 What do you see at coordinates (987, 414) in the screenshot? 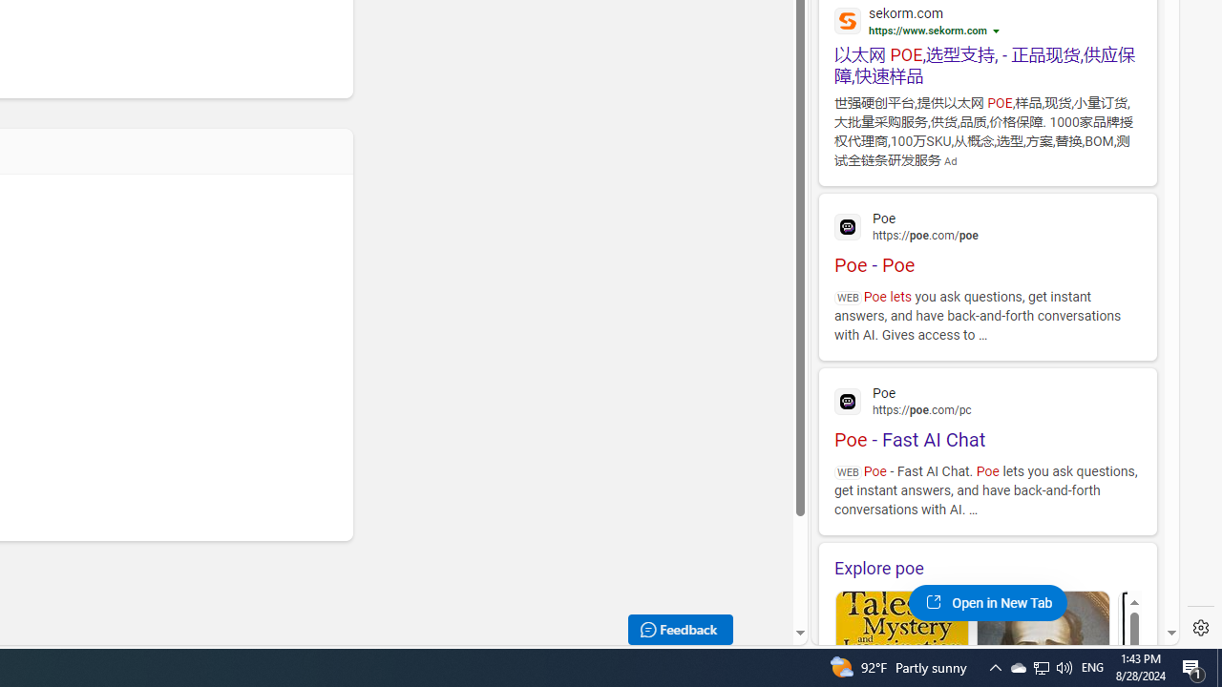
I see `'Poe - Fast AI Chat'` at bounding box center [987, 414].